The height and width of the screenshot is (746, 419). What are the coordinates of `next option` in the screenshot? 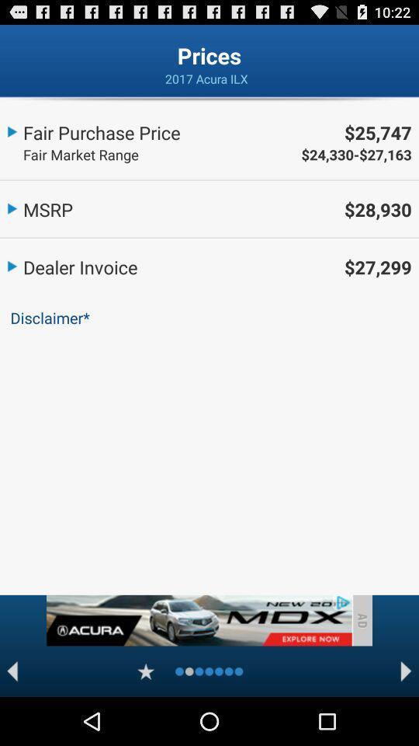 It's located at (406, 671).